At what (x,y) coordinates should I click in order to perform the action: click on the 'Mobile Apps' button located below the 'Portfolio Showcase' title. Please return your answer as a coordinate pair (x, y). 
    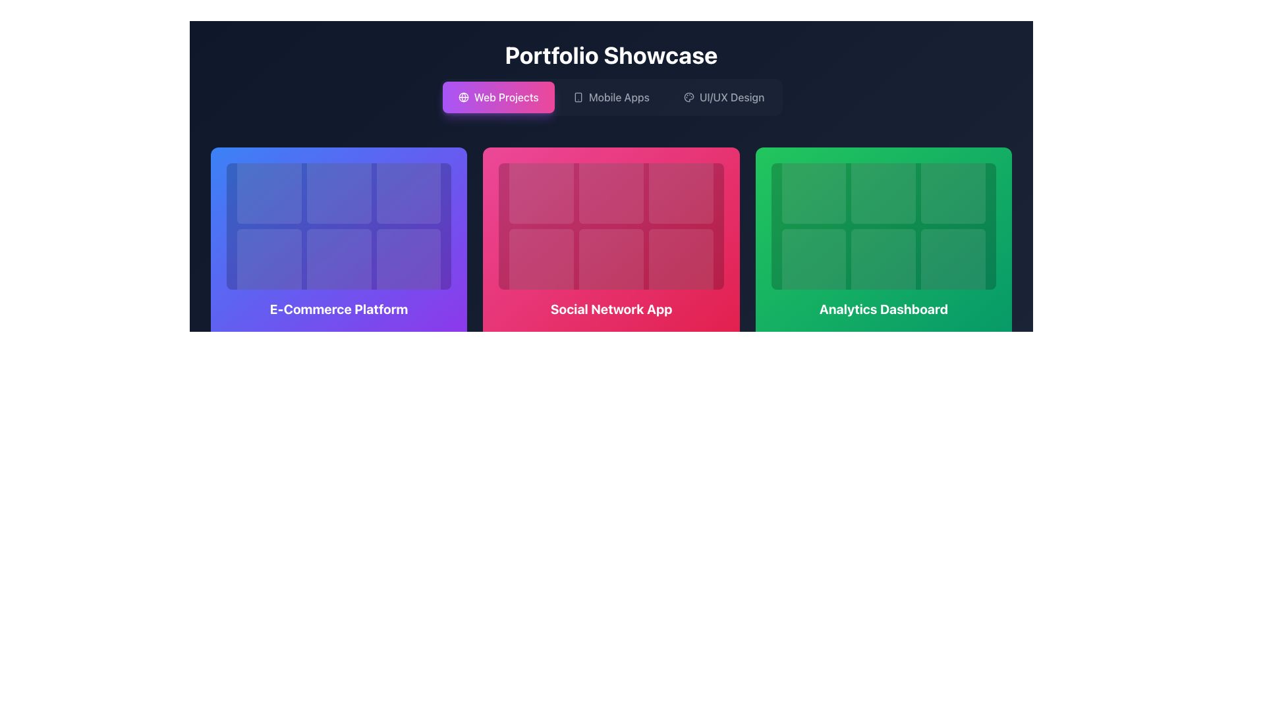
    Looking at the image, I should click on (610, 96).